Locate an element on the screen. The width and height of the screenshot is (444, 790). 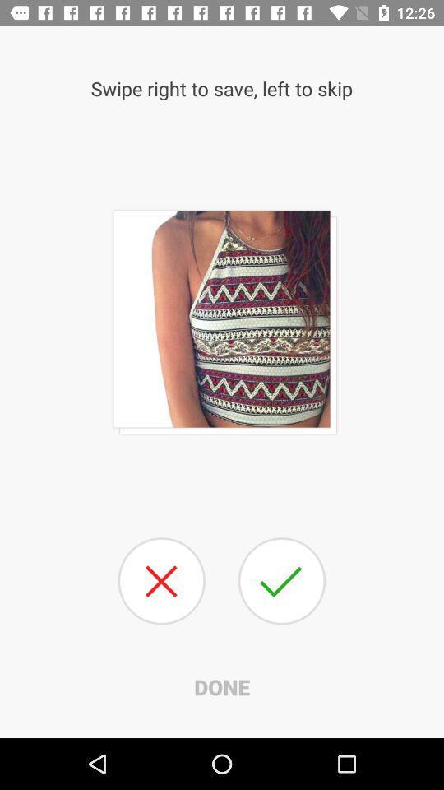
skip the photo is located at coordinates (161, 581).